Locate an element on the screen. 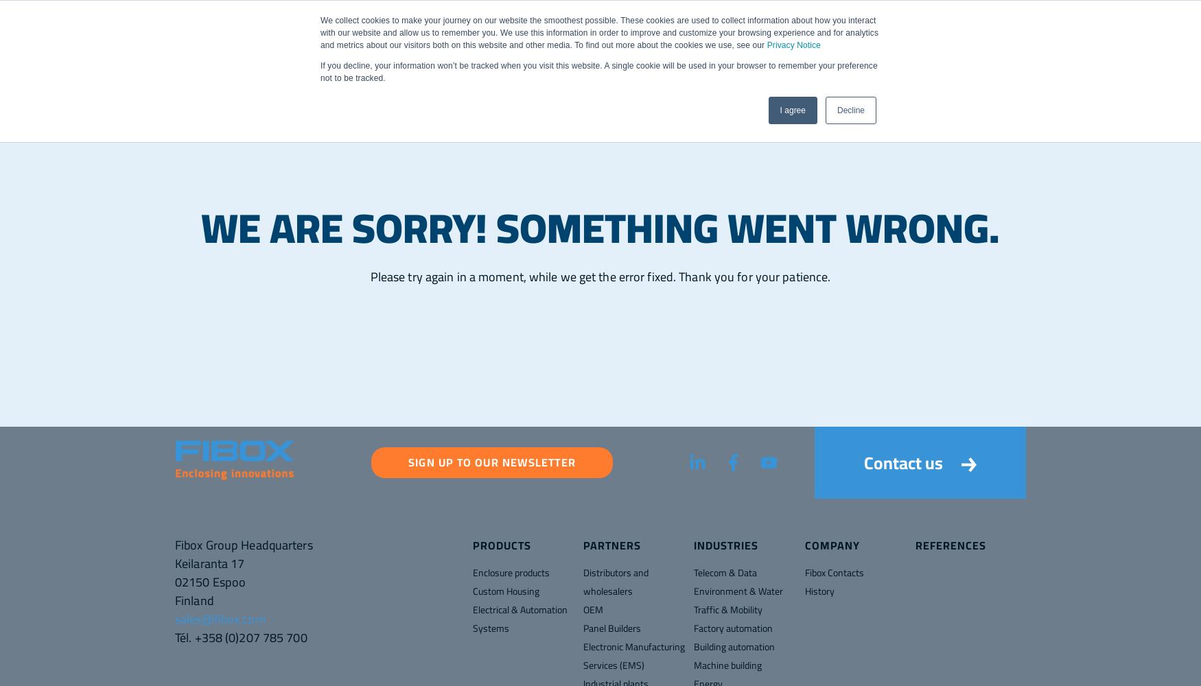  'Fibox Group Headquarters' is located at coordinates (244, 544).